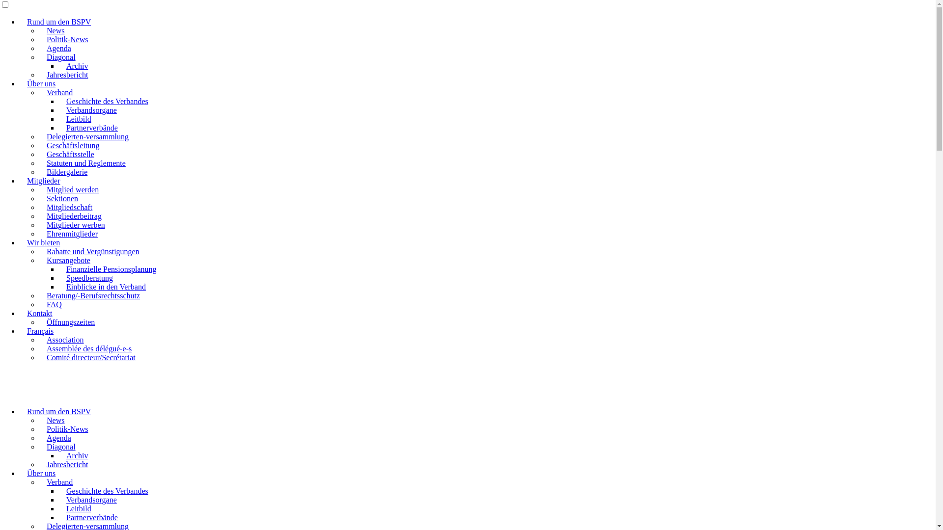 The image size is (943, 530). I want to click on 'Verbandsorgane', so click(91, 500).